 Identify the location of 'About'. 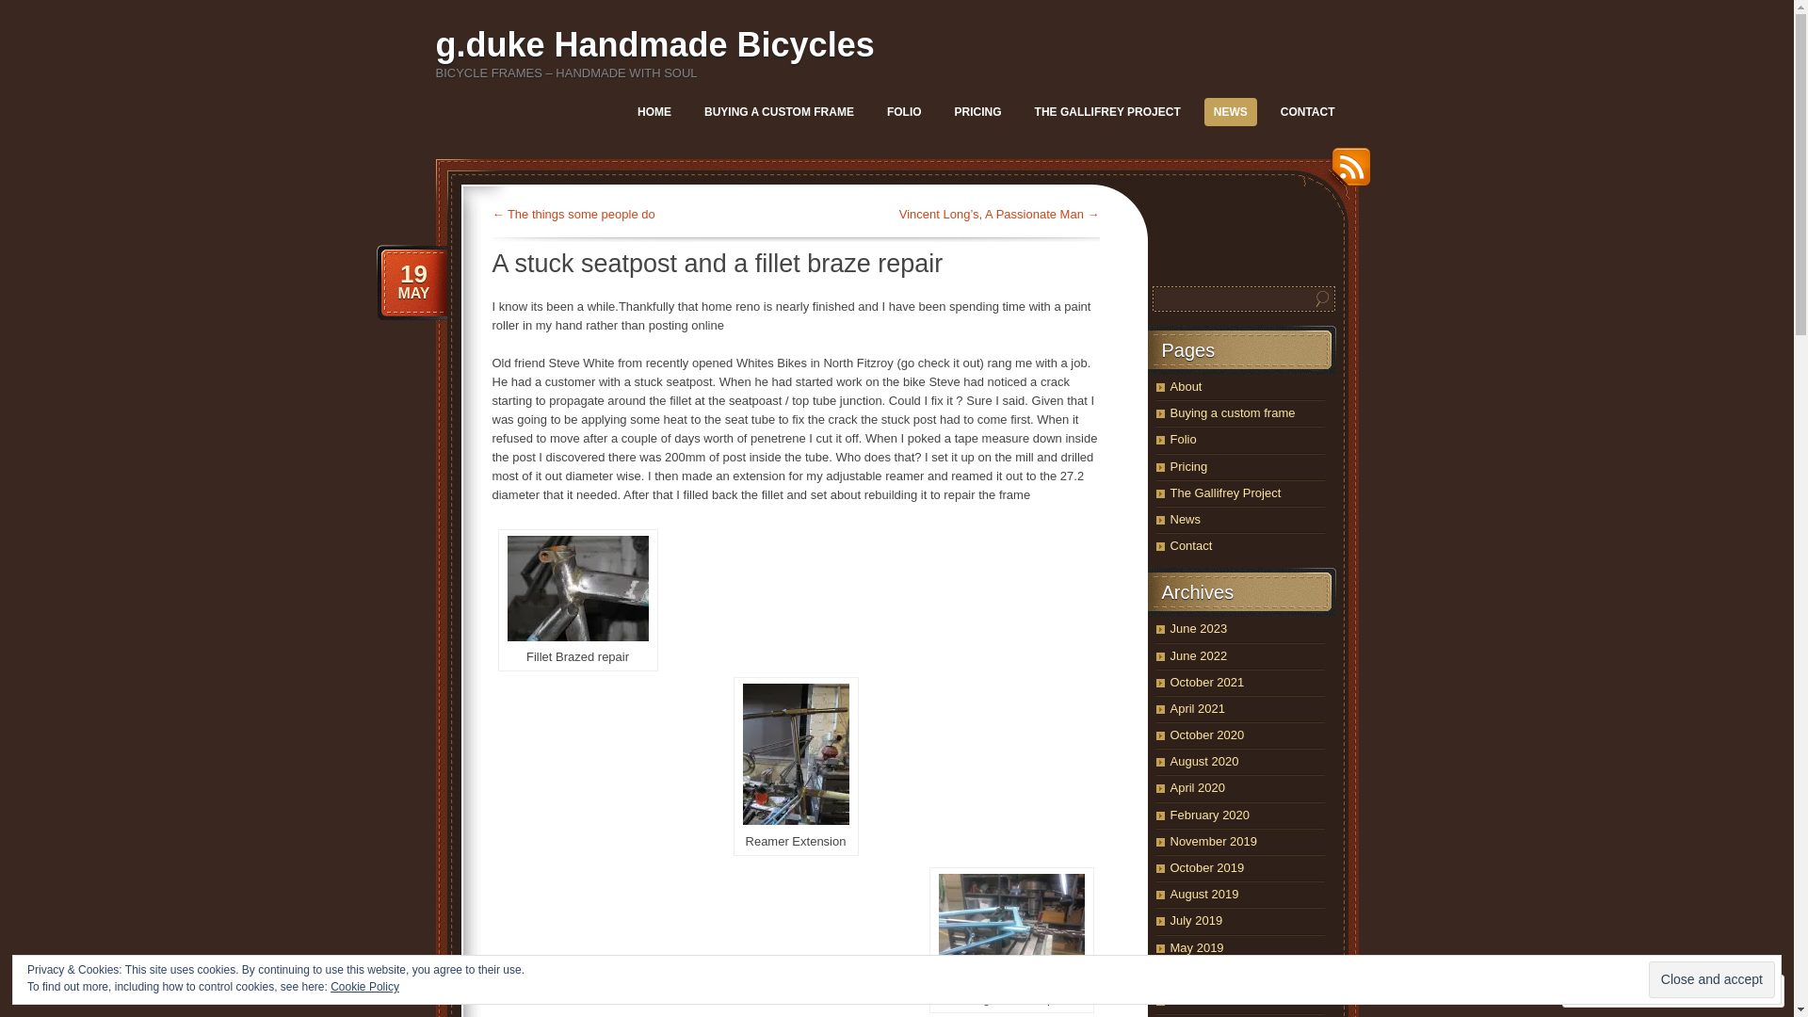
(1184, 385).